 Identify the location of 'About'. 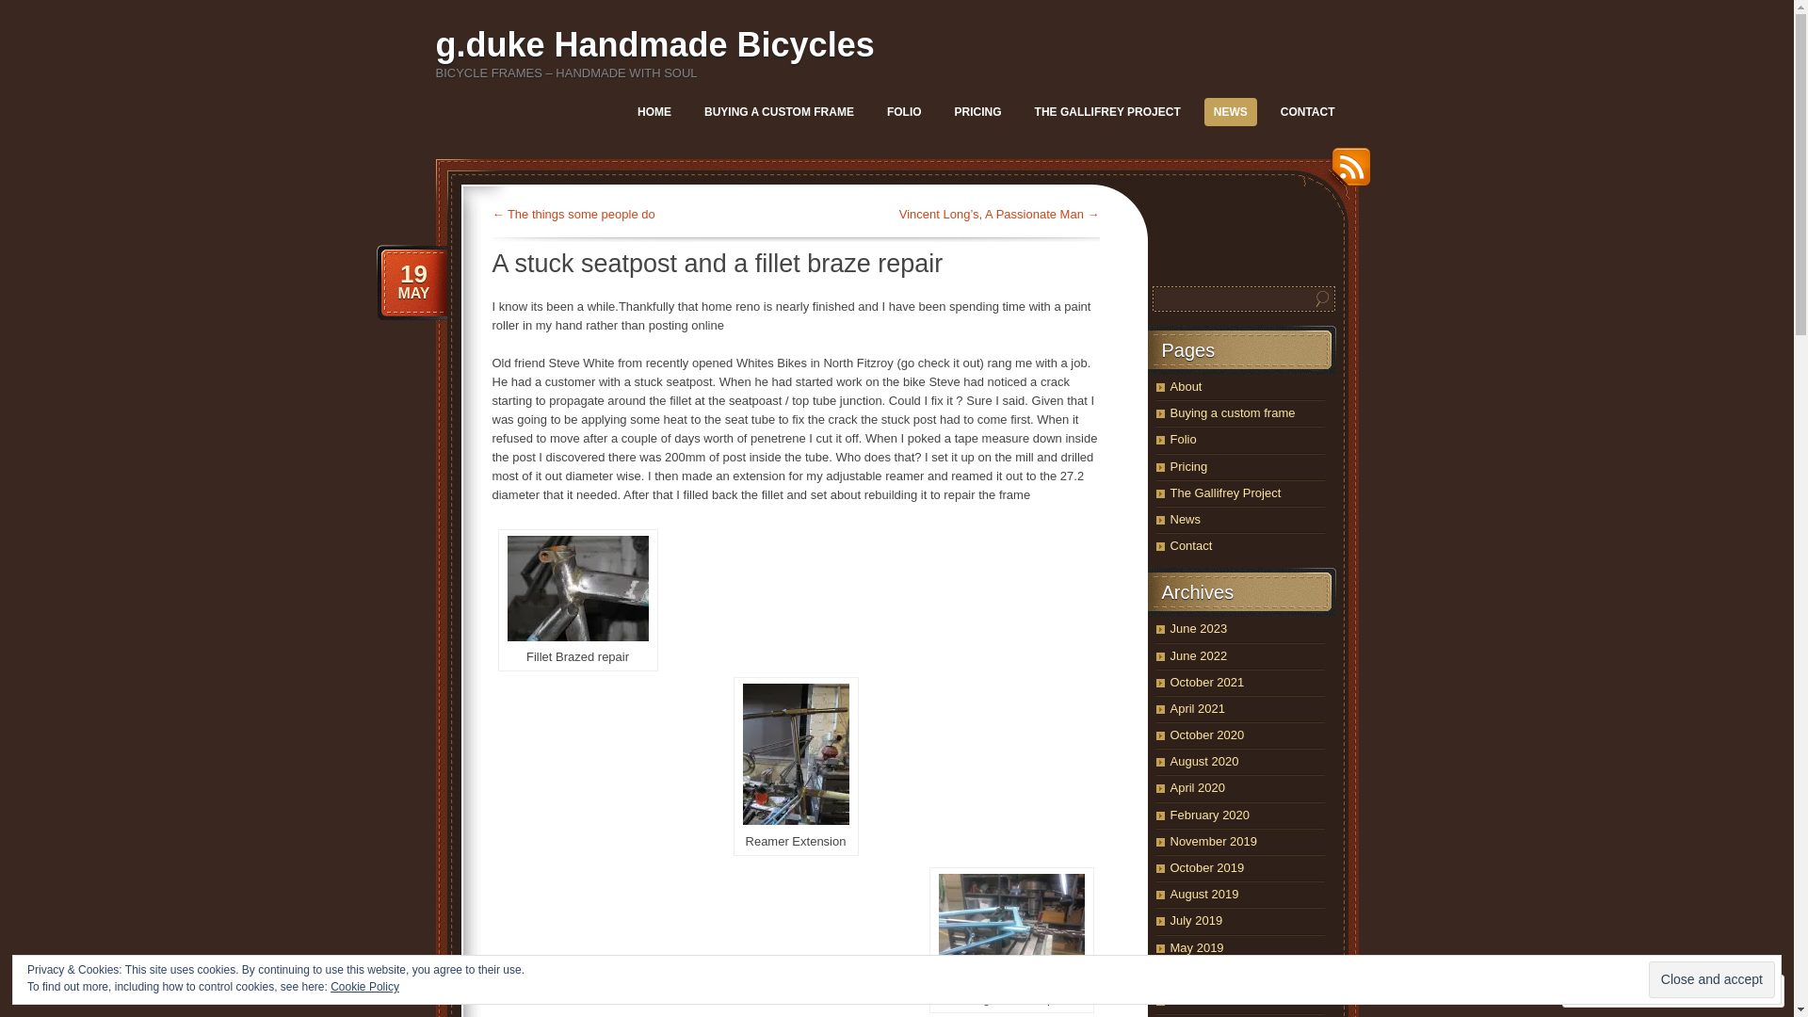
(1184, 385).